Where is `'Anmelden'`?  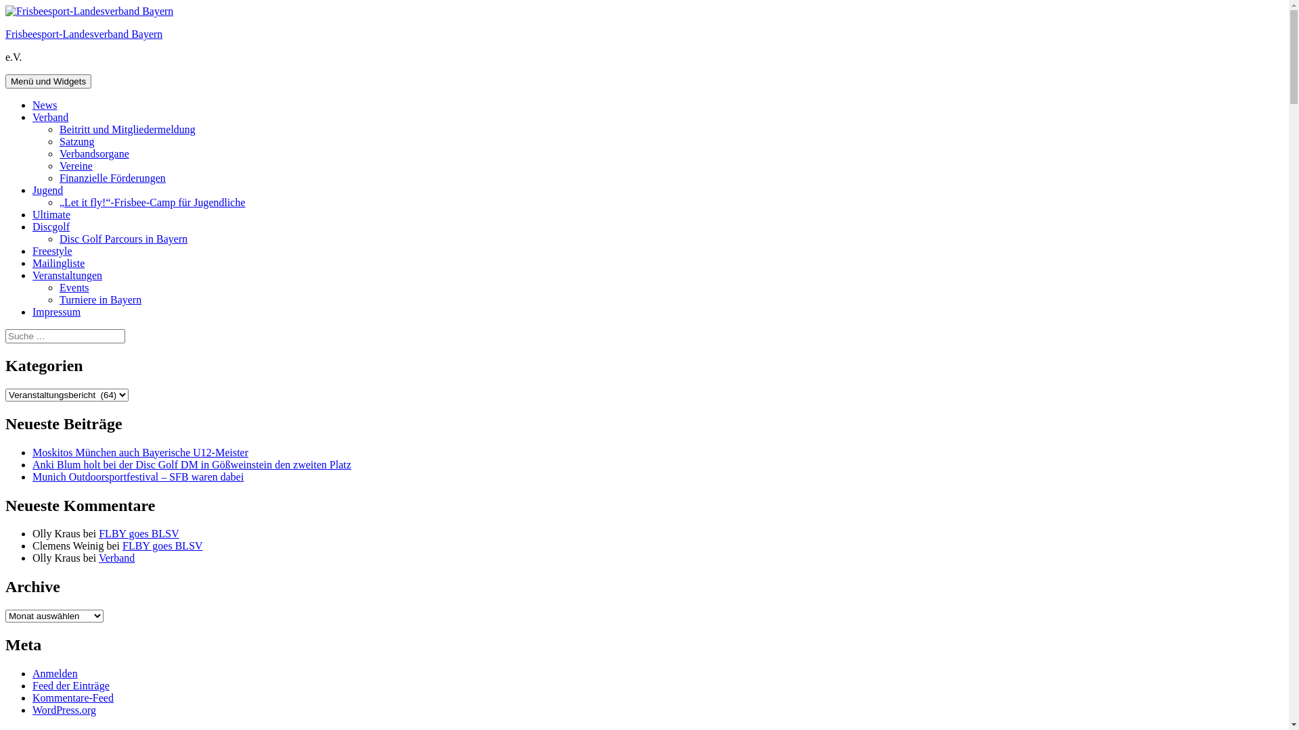
'Anmelden' is located at coordinates (54, 673).